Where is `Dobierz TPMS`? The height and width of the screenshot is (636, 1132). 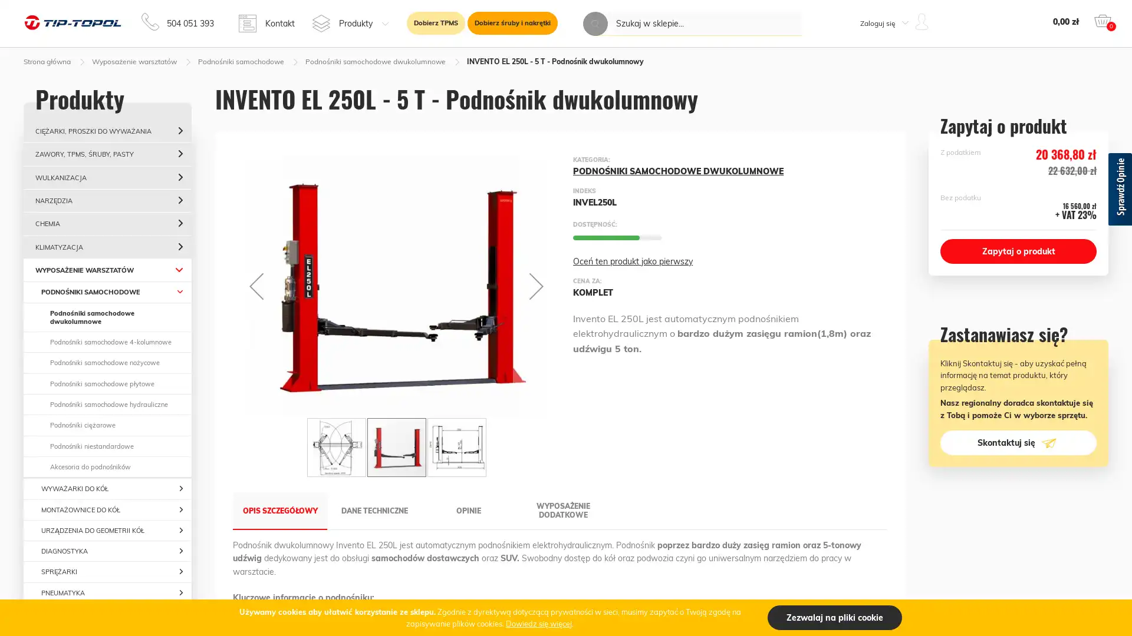 Dobierz TPMS is located at coordinates (435, 23).